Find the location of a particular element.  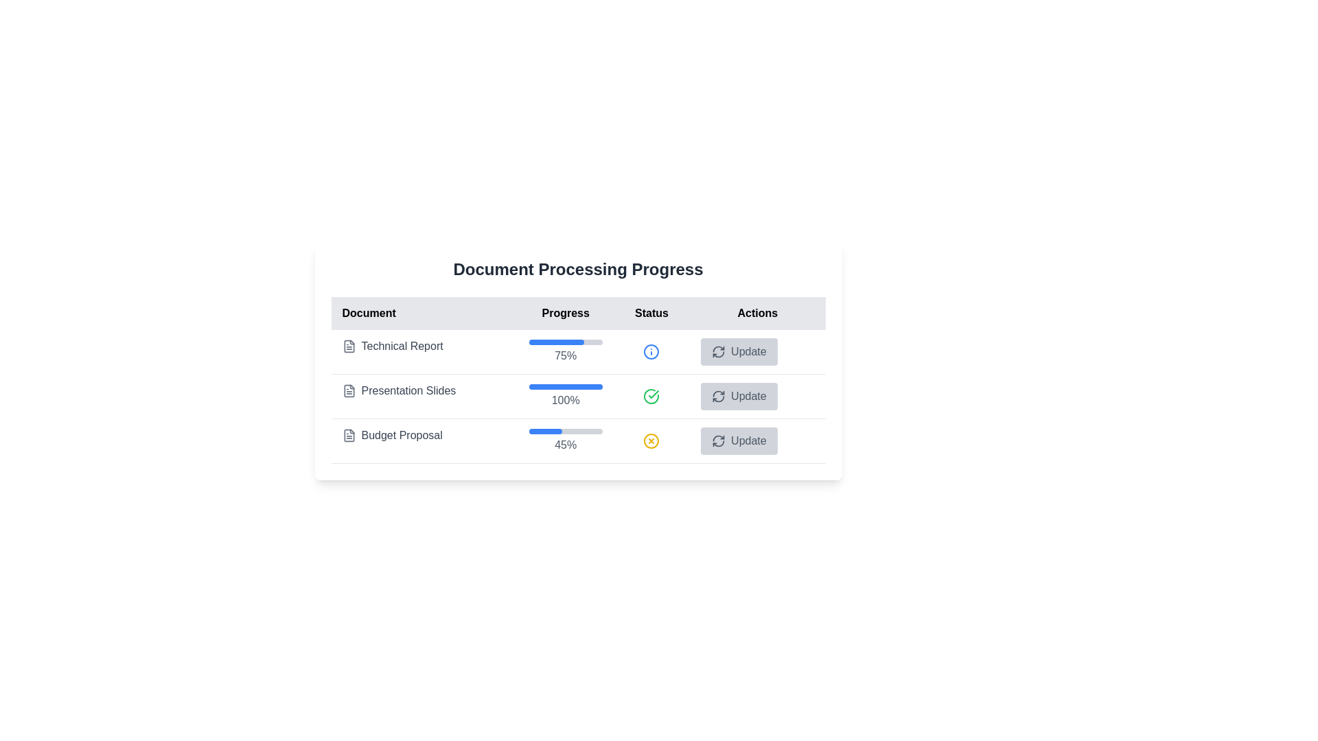

the file icon representing the 'Budget Proposal' document located on the left side of its row in the main table is located at coordinates (349, 436).